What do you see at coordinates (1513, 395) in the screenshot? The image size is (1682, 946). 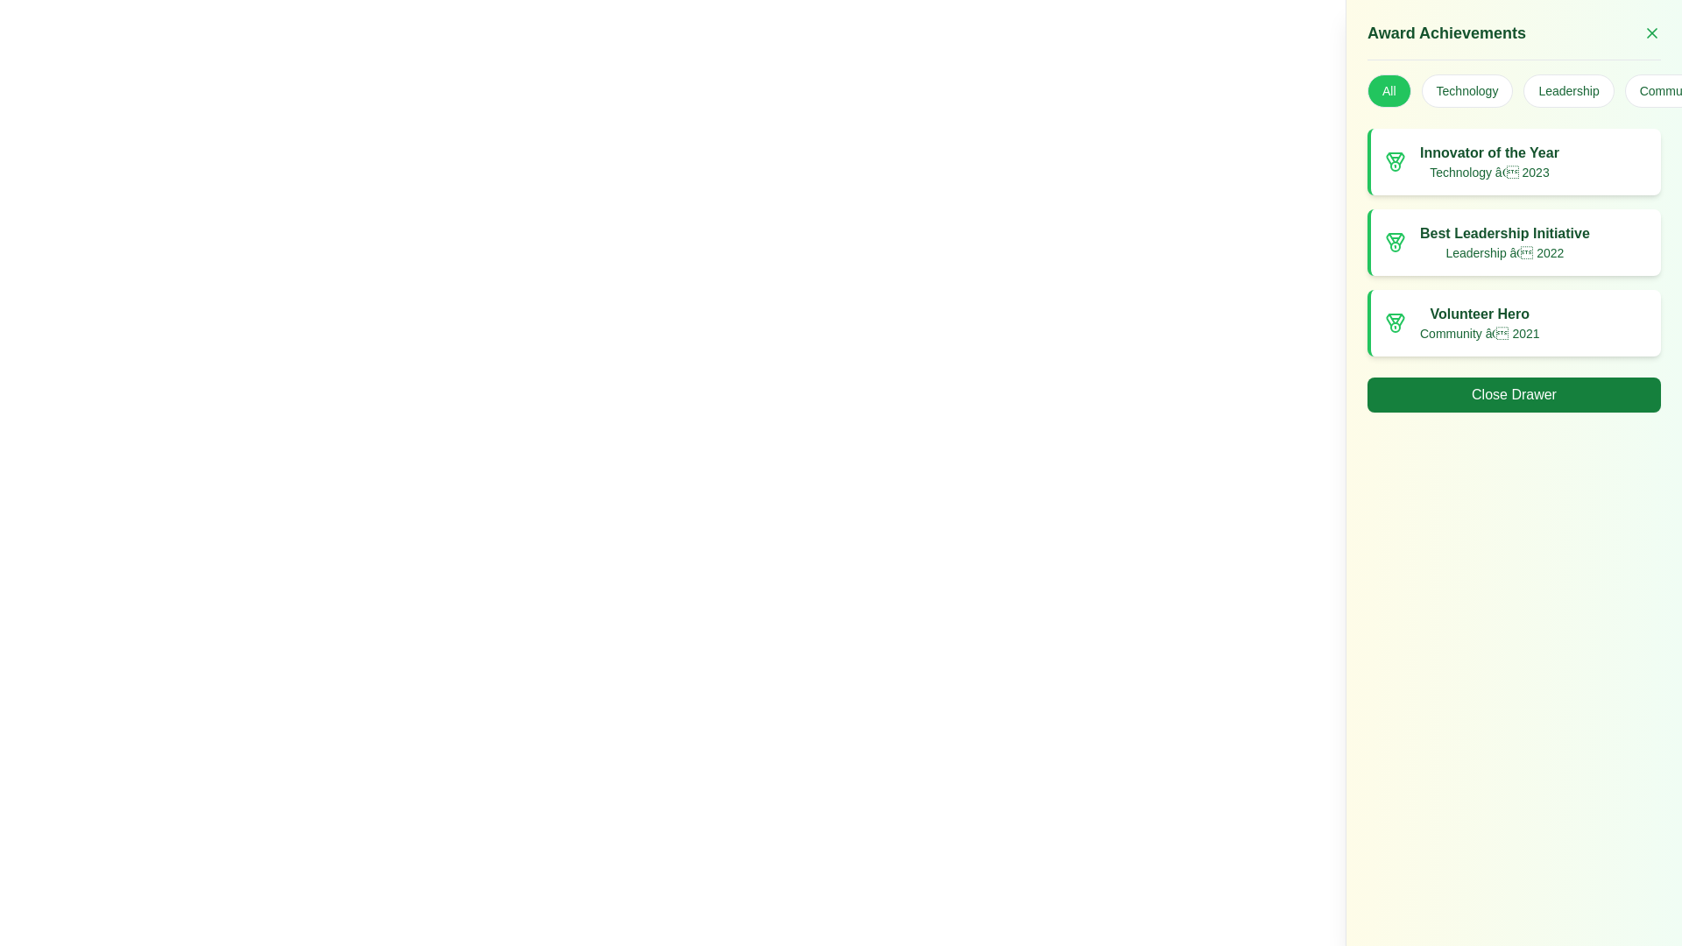 I see `the 'Close Drawer' button, which has a green background and white text, located at the bottom of the right-side panel to change its color` at bounding box center [1513, 395].